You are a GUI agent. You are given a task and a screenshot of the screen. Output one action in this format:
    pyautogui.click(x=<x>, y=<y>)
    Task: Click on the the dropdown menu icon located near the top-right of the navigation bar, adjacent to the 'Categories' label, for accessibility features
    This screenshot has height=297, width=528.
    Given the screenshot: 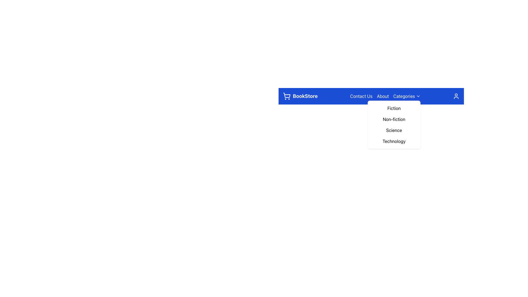 What is the action you would take?
    pyautogui.click(x=418, y=96)
    